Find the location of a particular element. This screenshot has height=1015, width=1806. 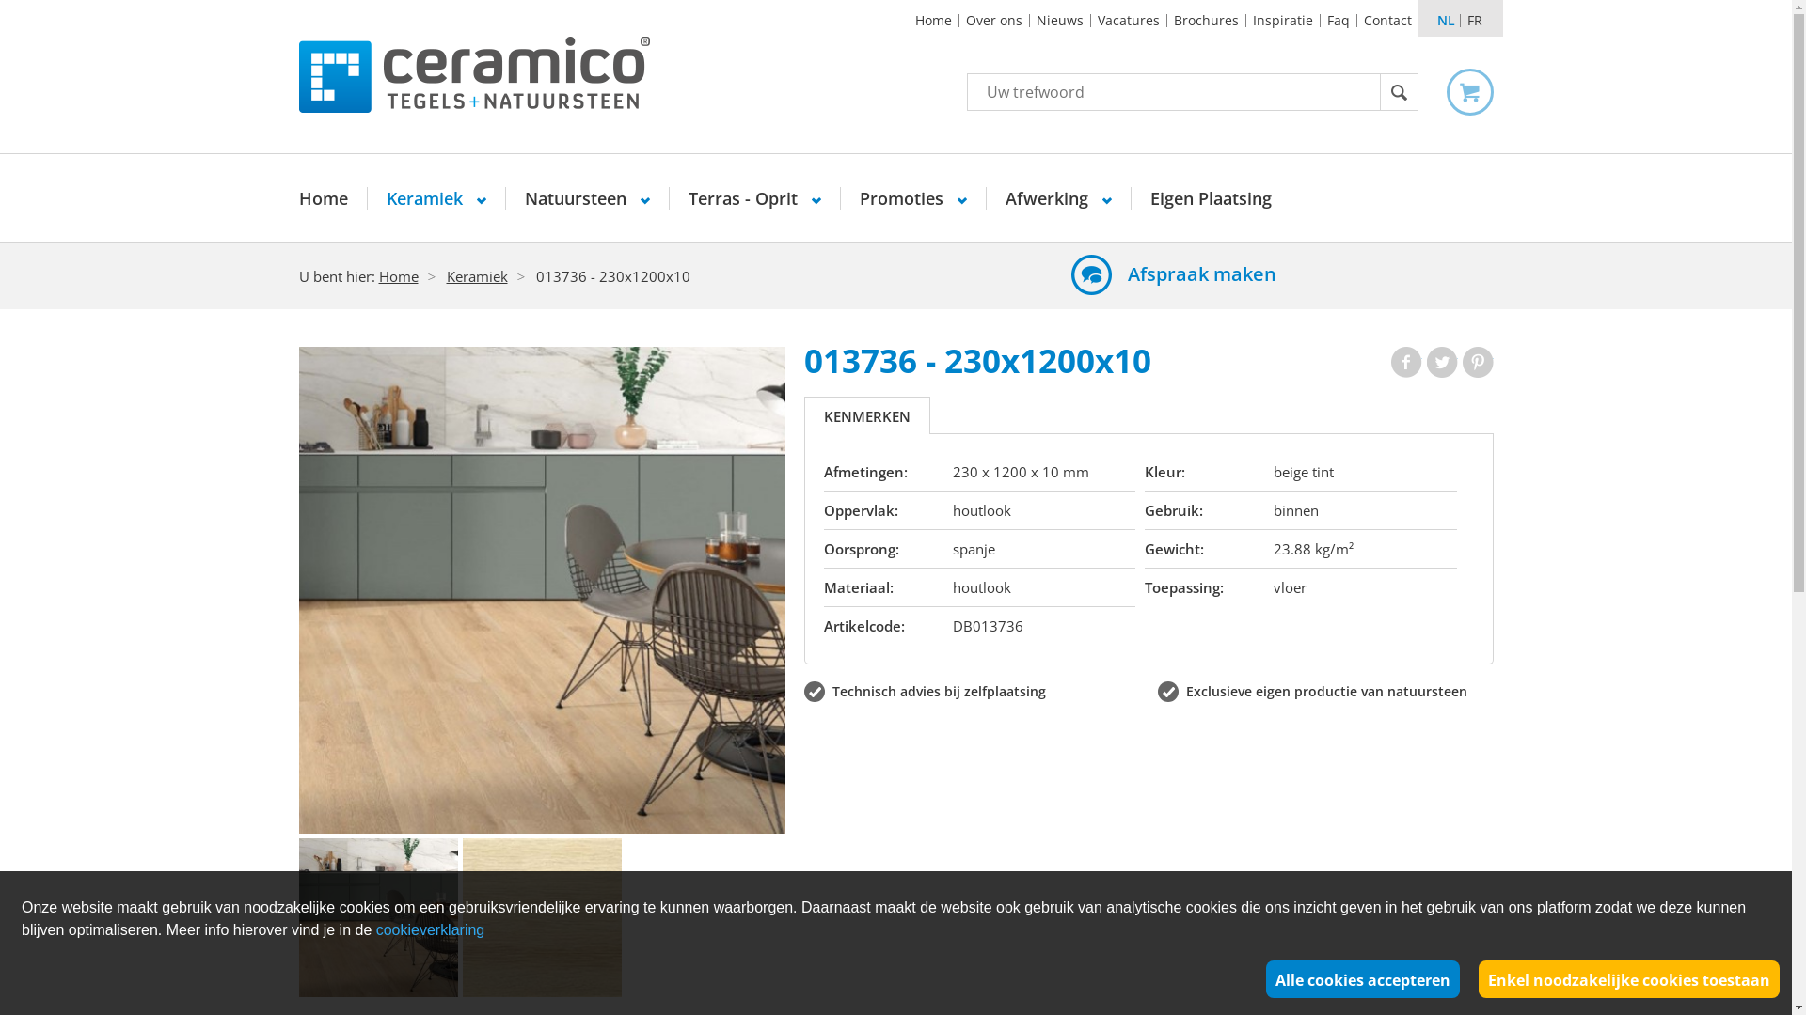

'Natuursteen' is located at coordinates (586, 198).